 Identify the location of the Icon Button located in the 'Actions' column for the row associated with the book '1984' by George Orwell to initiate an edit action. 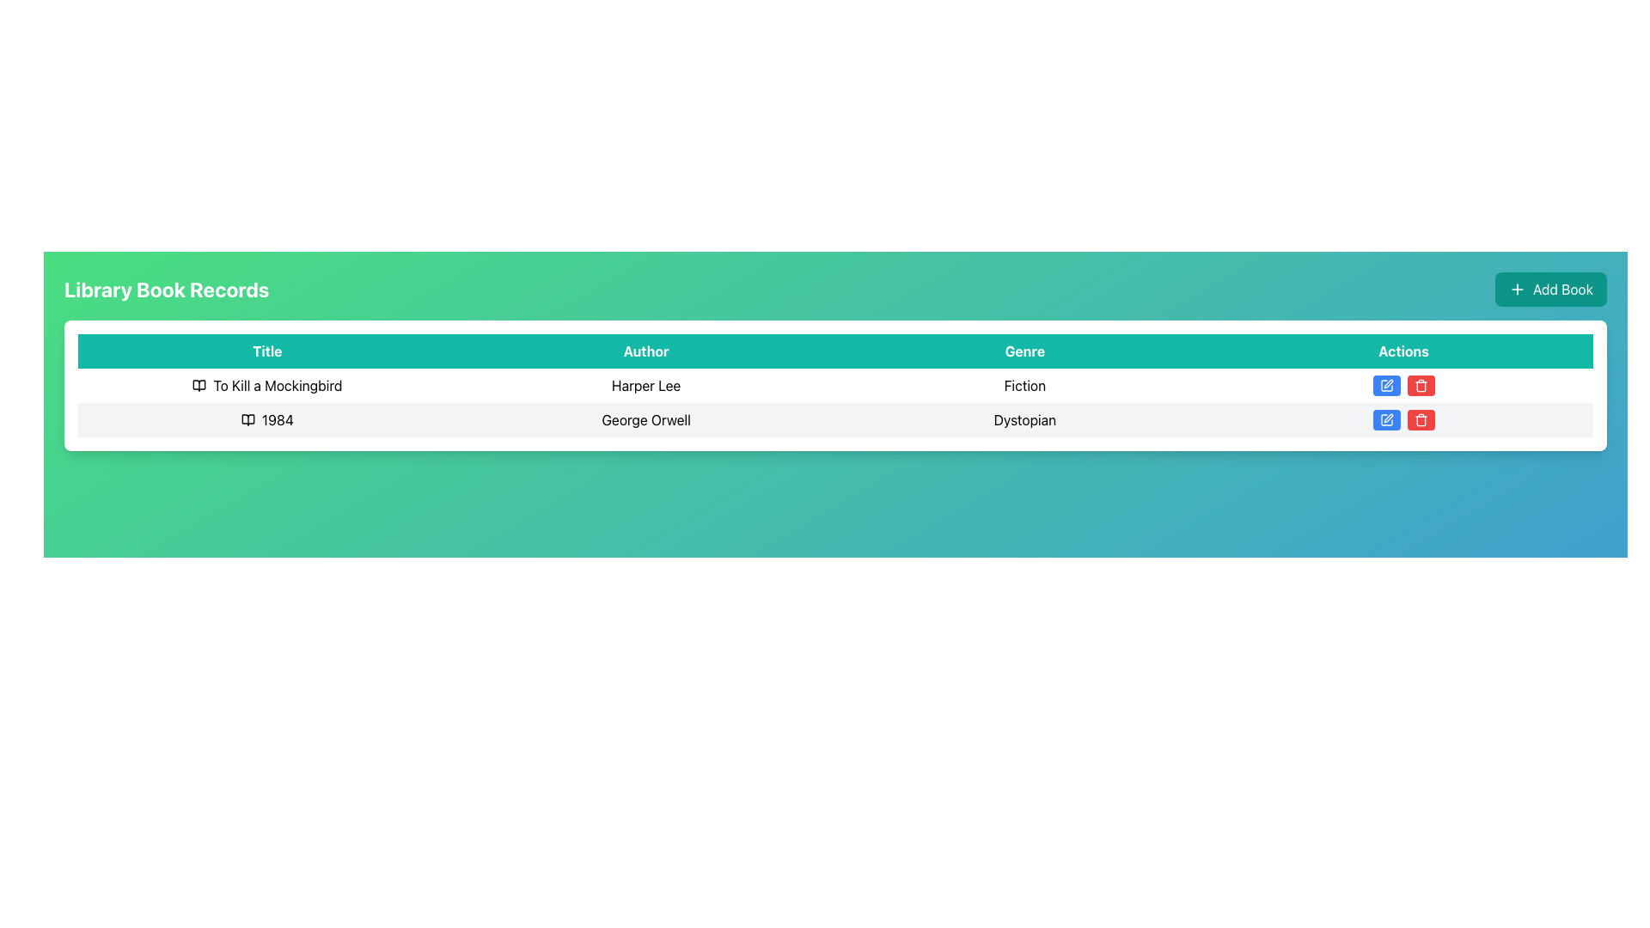
(1386, 420).